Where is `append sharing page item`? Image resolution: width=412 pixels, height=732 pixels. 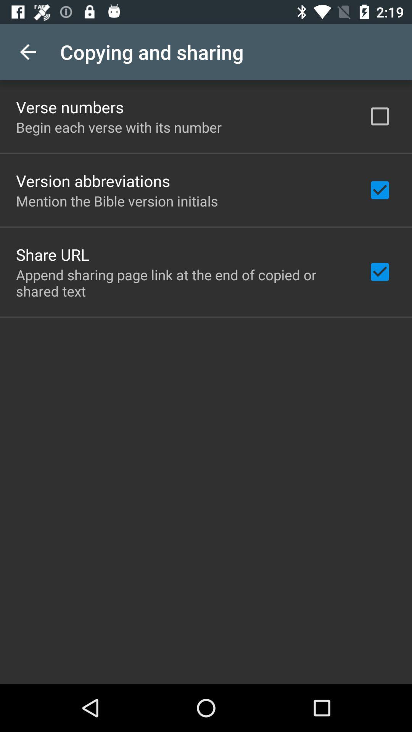
append sharing page item is located at coordinates (182, 283).